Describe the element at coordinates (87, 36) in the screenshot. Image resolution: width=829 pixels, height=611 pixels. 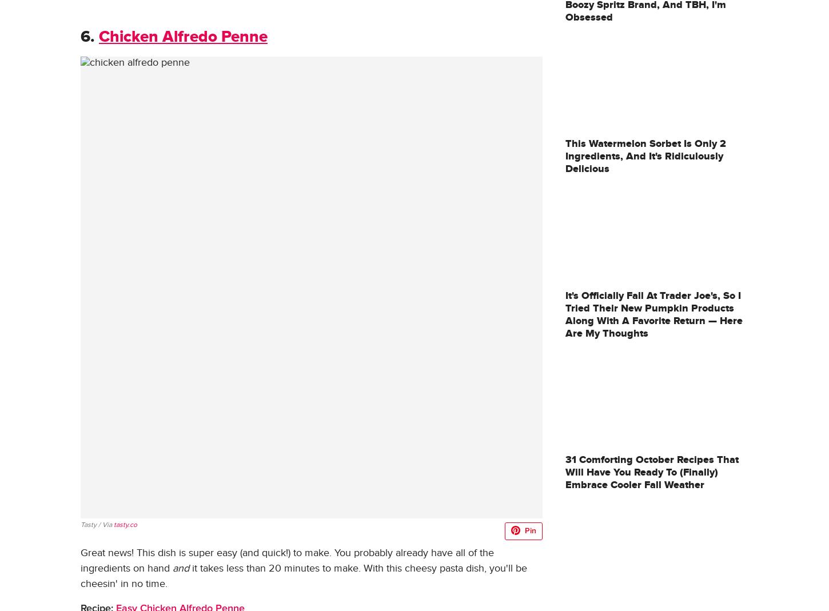
I see `'6.'` at that location.